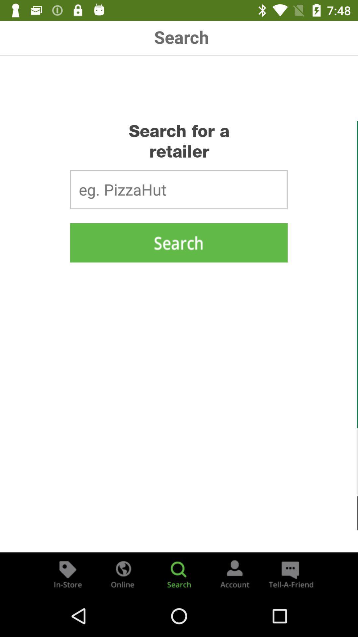 The image size is (358, 637). What do you see at coordinates (290, 573) in the screenshot?
I see `the highlighted area is used to tell the friends in contact list about the application` at bounding box center [290, 573].